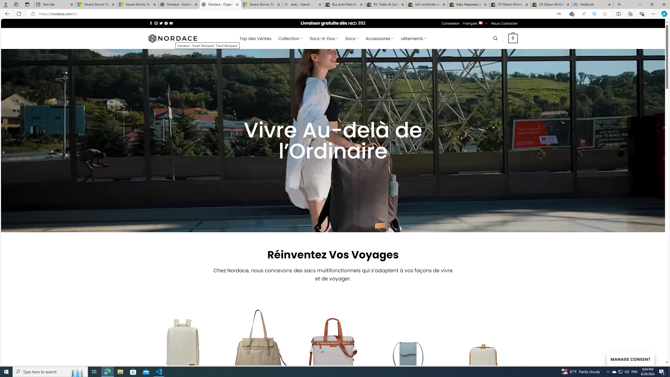  I want to click on 'Nous Contacter', so click(504, 23).